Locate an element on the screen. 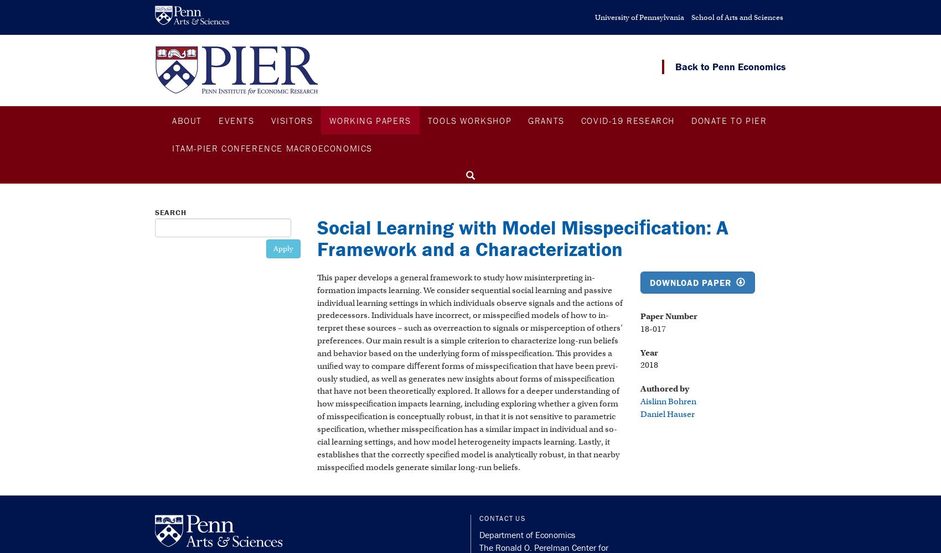 This screenshot has height=553, width=941. 'Daniel Hauser' is located at coordinates (666, 413).